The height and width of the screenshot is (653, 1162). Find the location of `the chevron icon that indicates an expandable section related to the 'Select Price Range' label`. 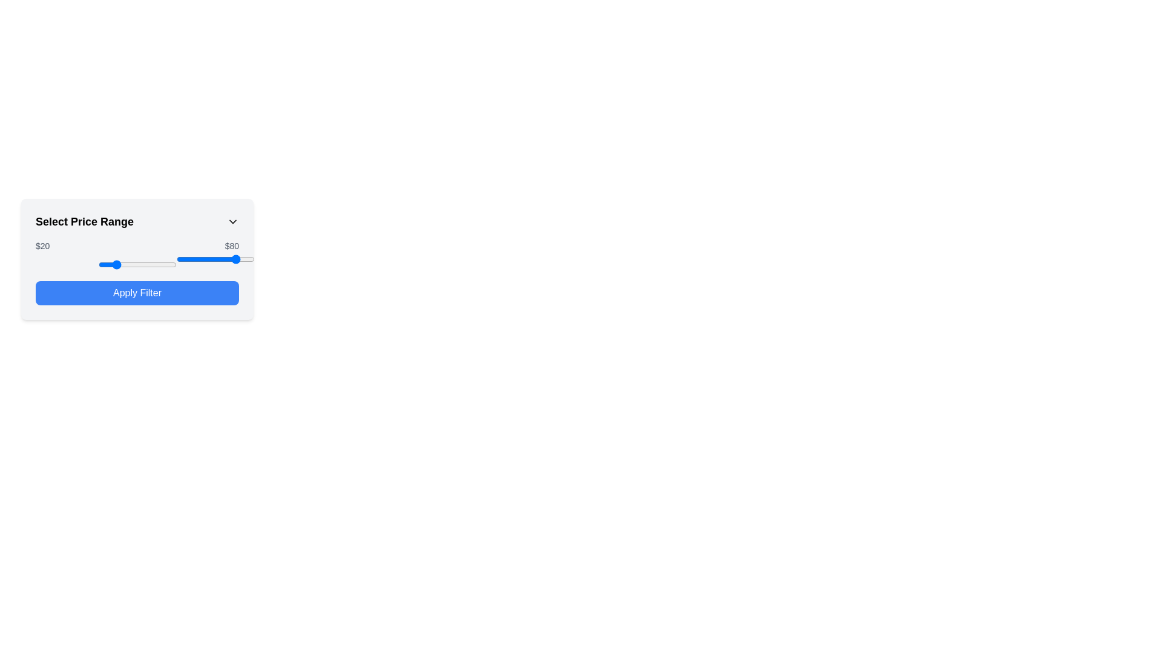

the chevron icon that indicates an expandable section related to the 'Select Price Range' label is located at coordinates (232, 221).